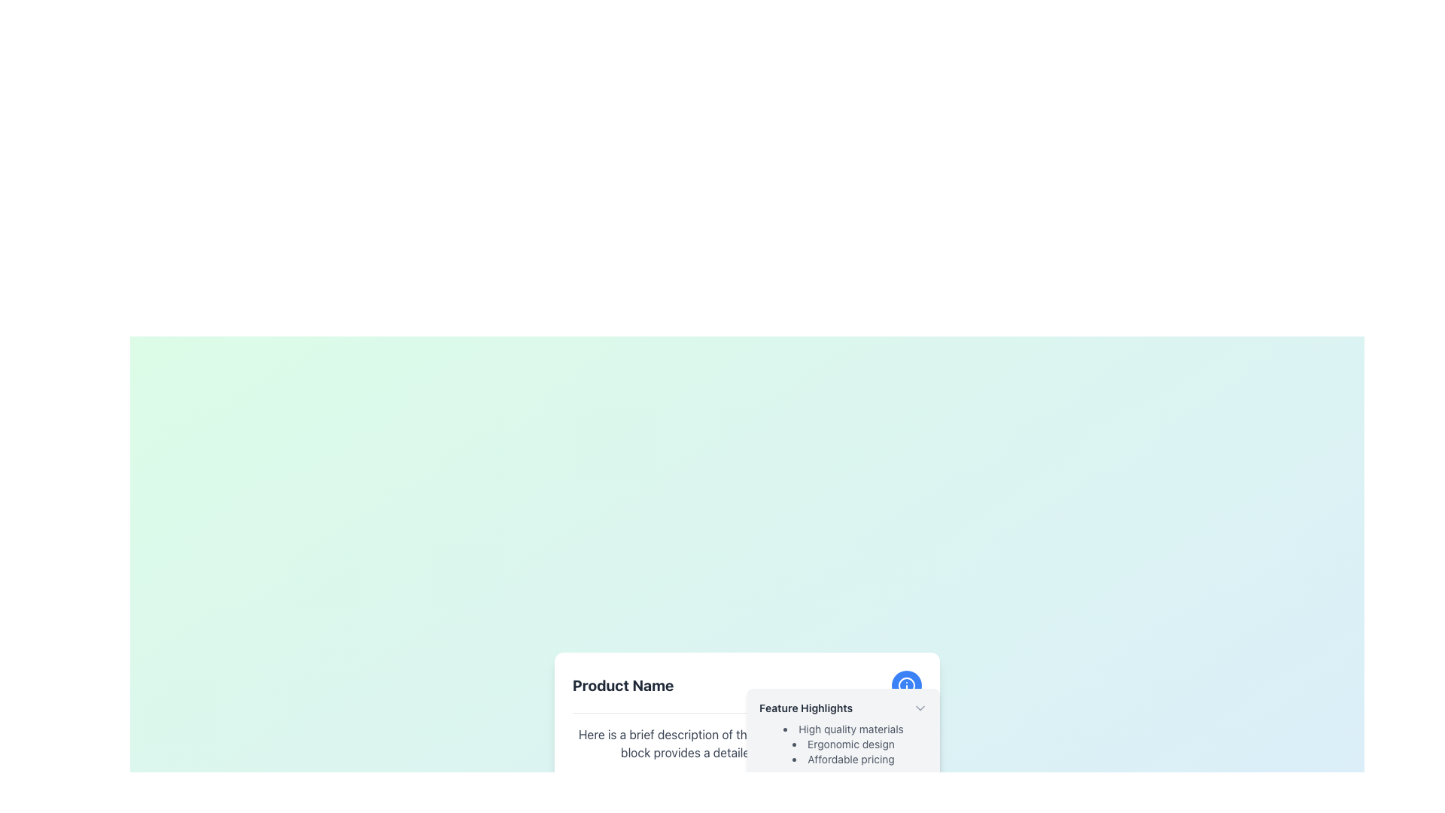  Describe the element at coordinates (844, 743) in the screenshot. I see `the second item in the bulleted list under 'Feature Highlights' that describes the ergonomic design of the product` at that location.